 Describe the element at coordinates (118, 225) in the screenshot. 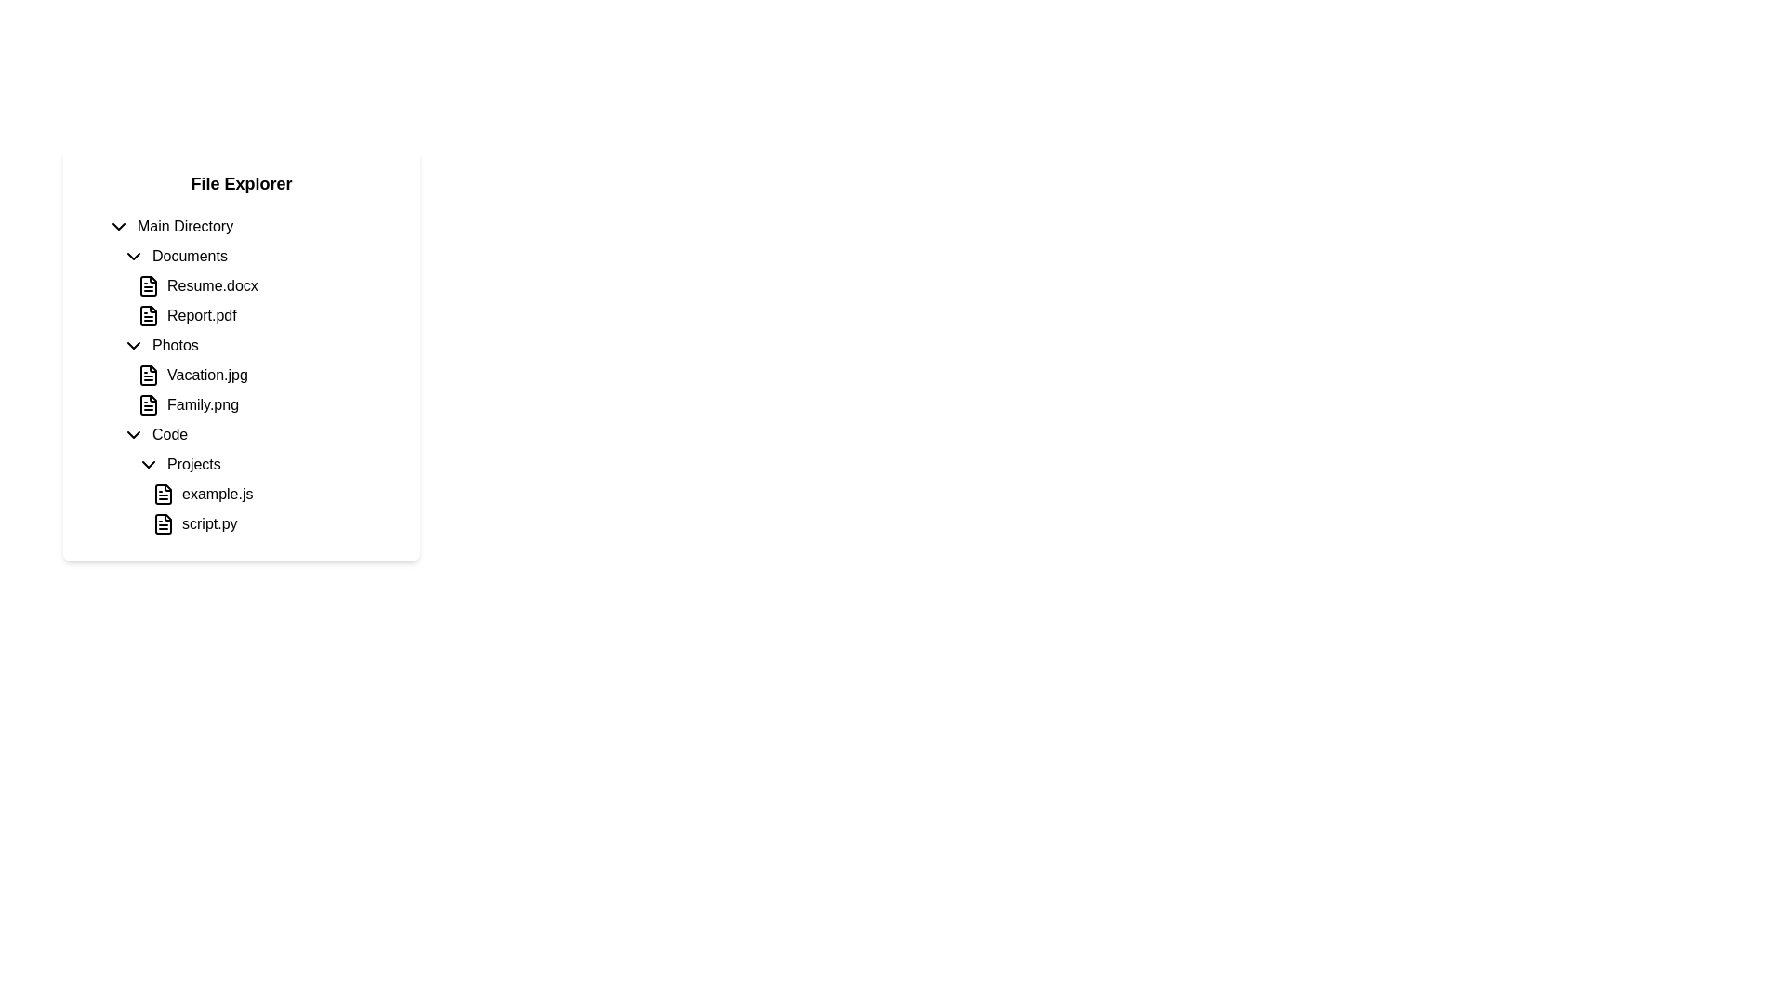

I see `the interactive chevron icon that indicates the expansion or collapse of the 'Main Directory' section for visual feedback` at that location.